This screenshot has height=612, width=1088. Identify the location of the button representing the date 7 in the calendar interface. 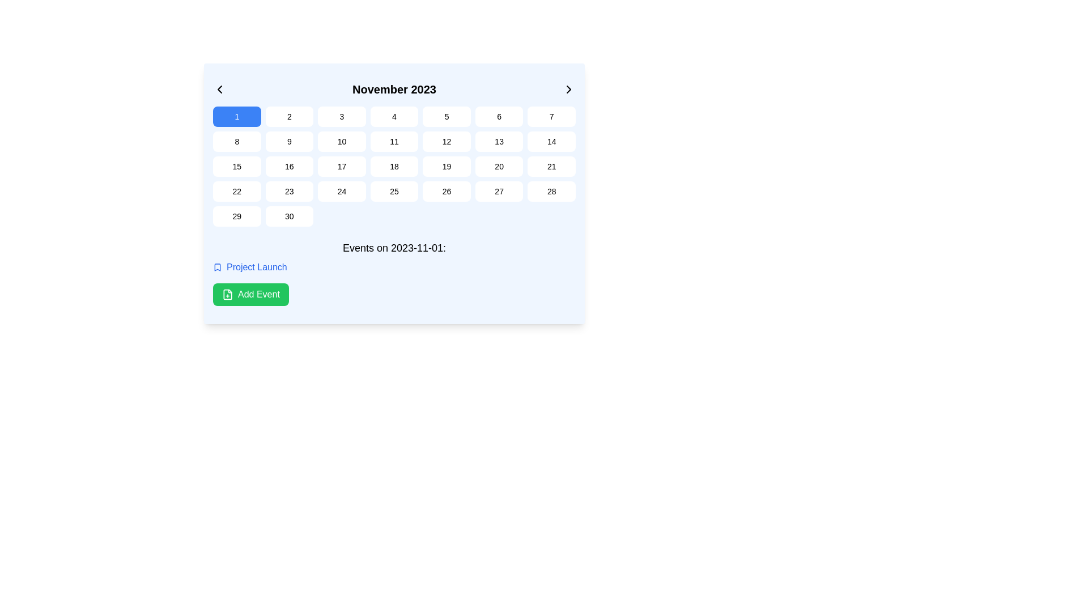
(551, 116).